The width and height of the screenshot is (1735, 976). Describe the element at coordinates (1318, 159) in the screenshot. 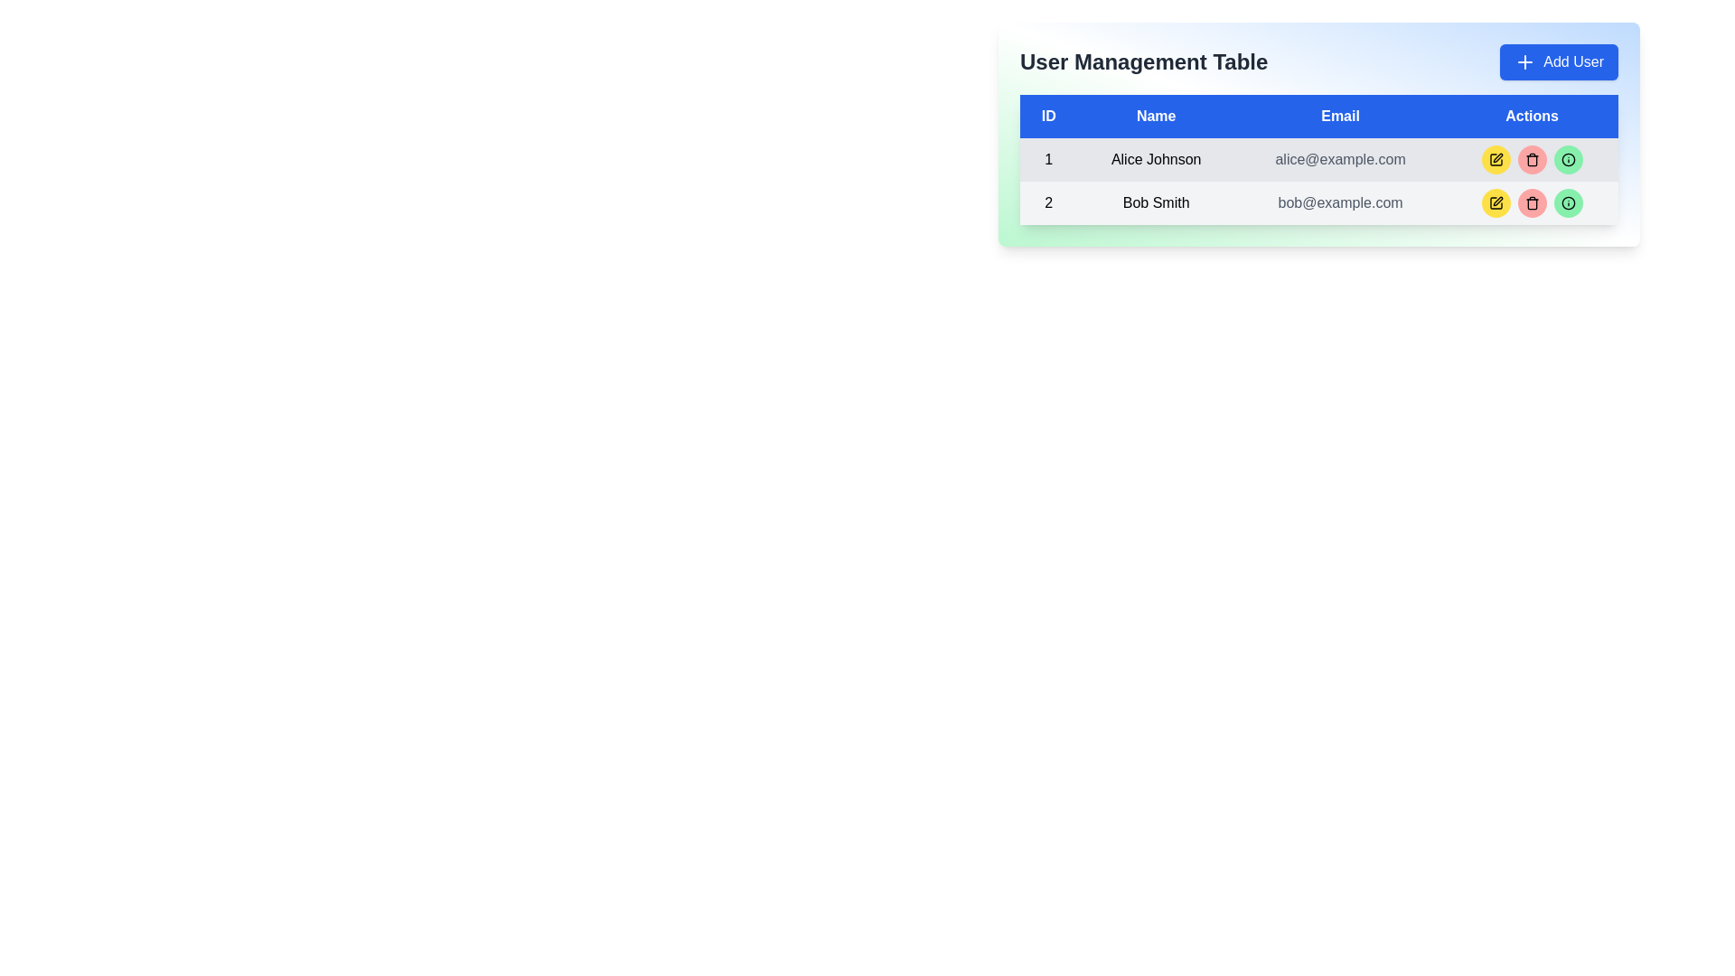

I see `the email address in the first data row of the user management table to send an email` at that location.